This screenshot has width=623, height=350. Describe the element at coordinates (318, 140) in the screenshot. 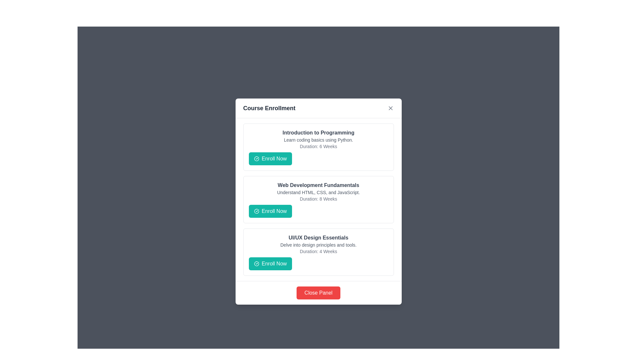

I see `the text label reading 'Learn coding basics using Python.' which is styled in a small-sized, gray font and is located inside the course card under the title 'Introduction to Programming'` at that location.